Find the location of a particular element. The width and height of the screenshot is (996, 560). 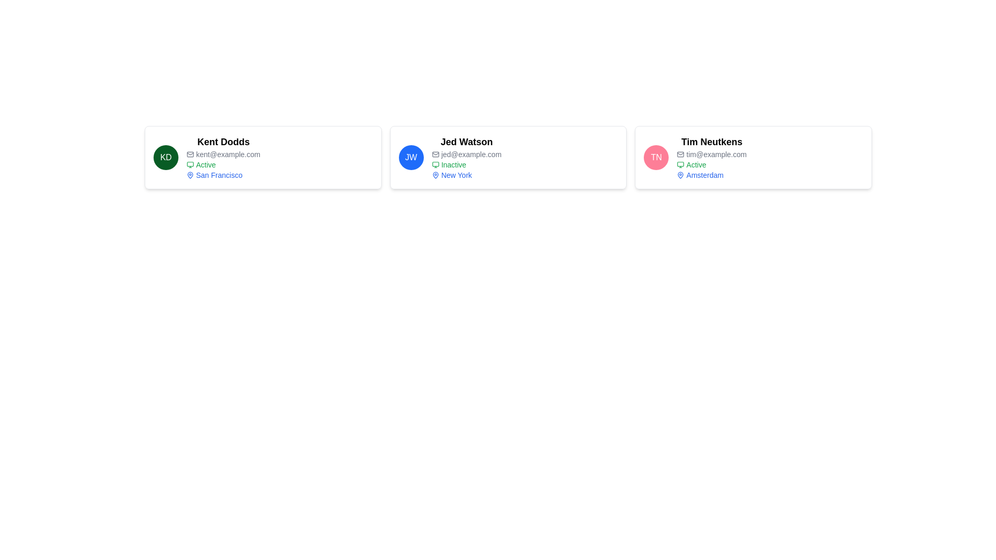

the Profile Card displaying user information for Tim Neutkens, which includes a circular avatar with initials 'TN', name in bold, email in gray, status 'Active' in green, and location 'Amsterdam' in blue is located at coordinates (753, 158).